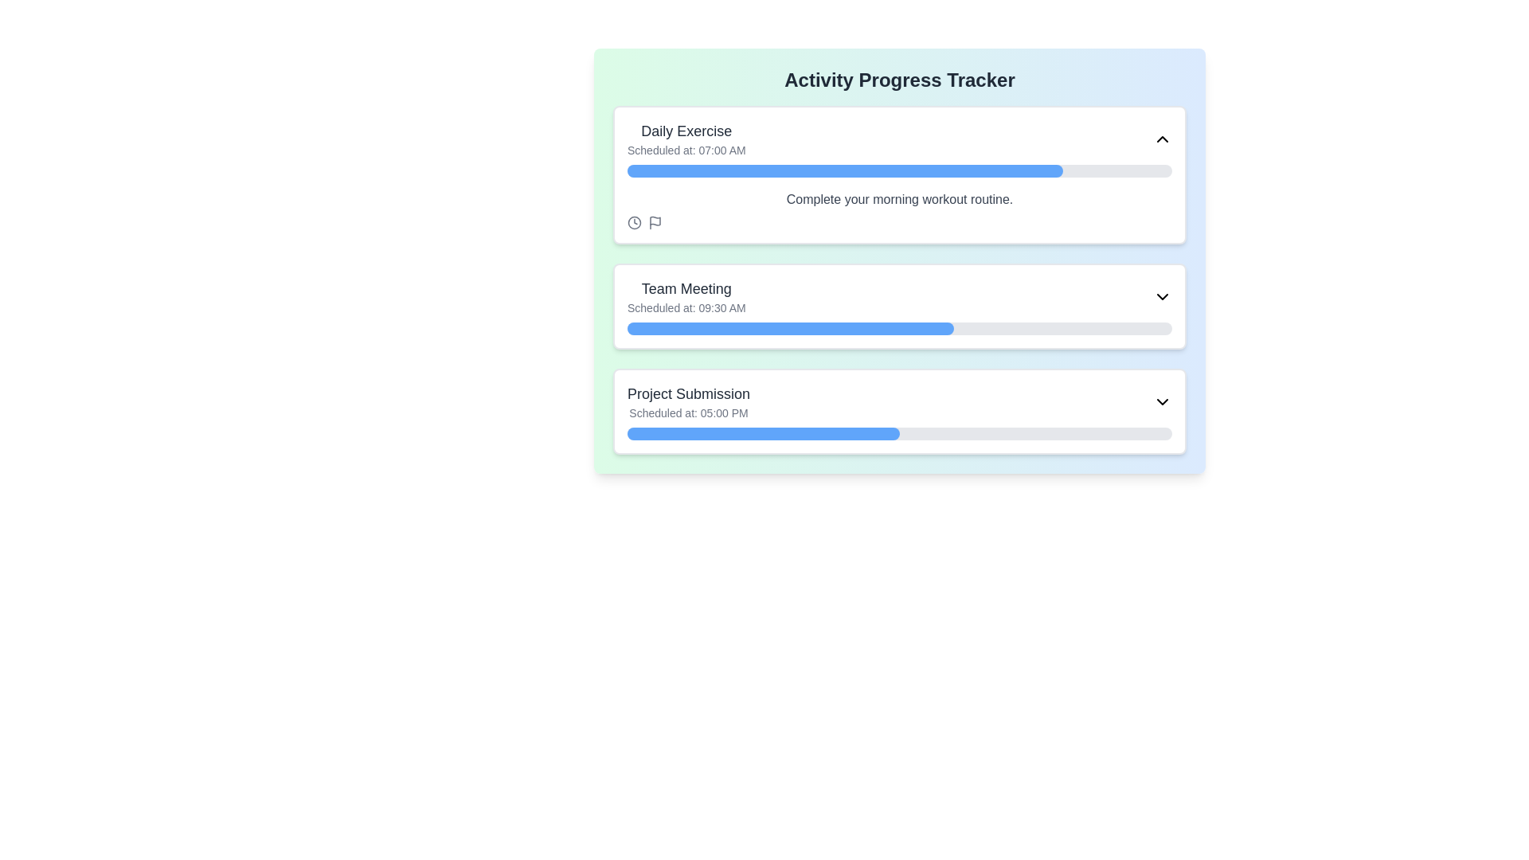 The image size is (1529, 860). What do you see at coordinates (633, 223) in the screenshot?
I see `the clock icon located at the bottom-left corner of the 'Daily Exercise' task card, which serves as a visual indicator or reminder for the schedule` at bounding box center [633, 223].